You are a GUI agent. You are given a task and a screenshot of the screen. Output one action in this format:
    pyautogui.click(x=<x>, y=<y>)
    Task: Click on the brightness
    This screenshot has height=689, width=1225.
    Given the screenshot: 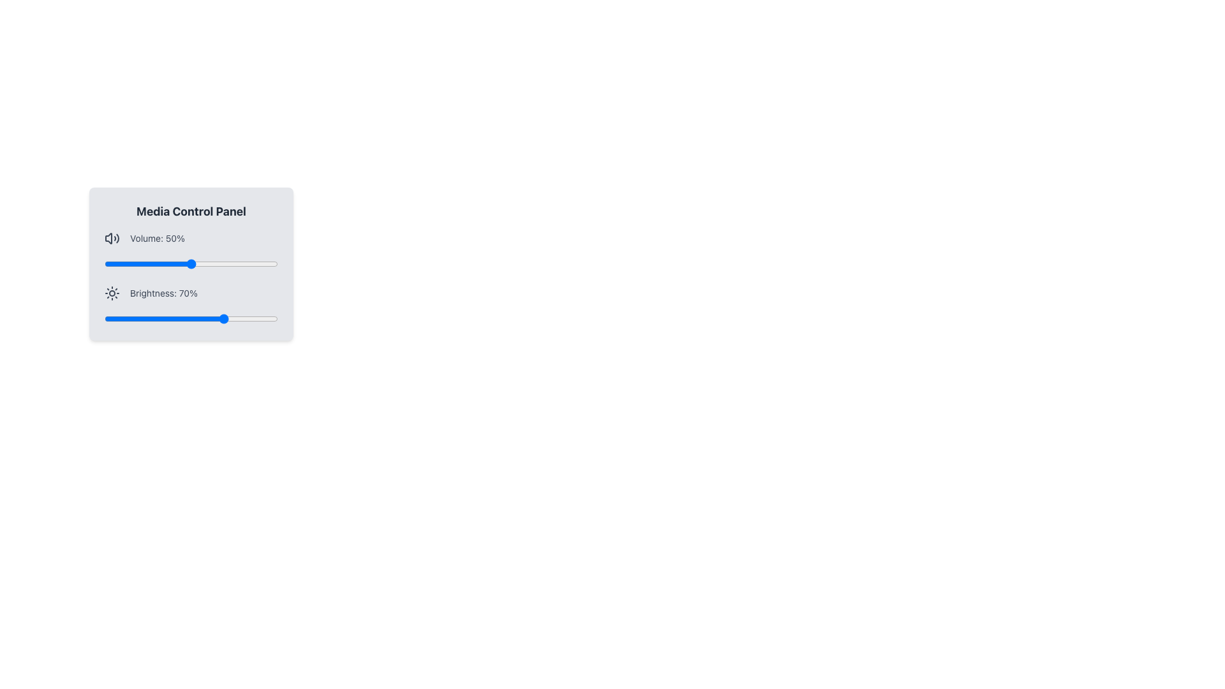 What is the action you would take?
    pyautogui.click(x=151, y=318)
    